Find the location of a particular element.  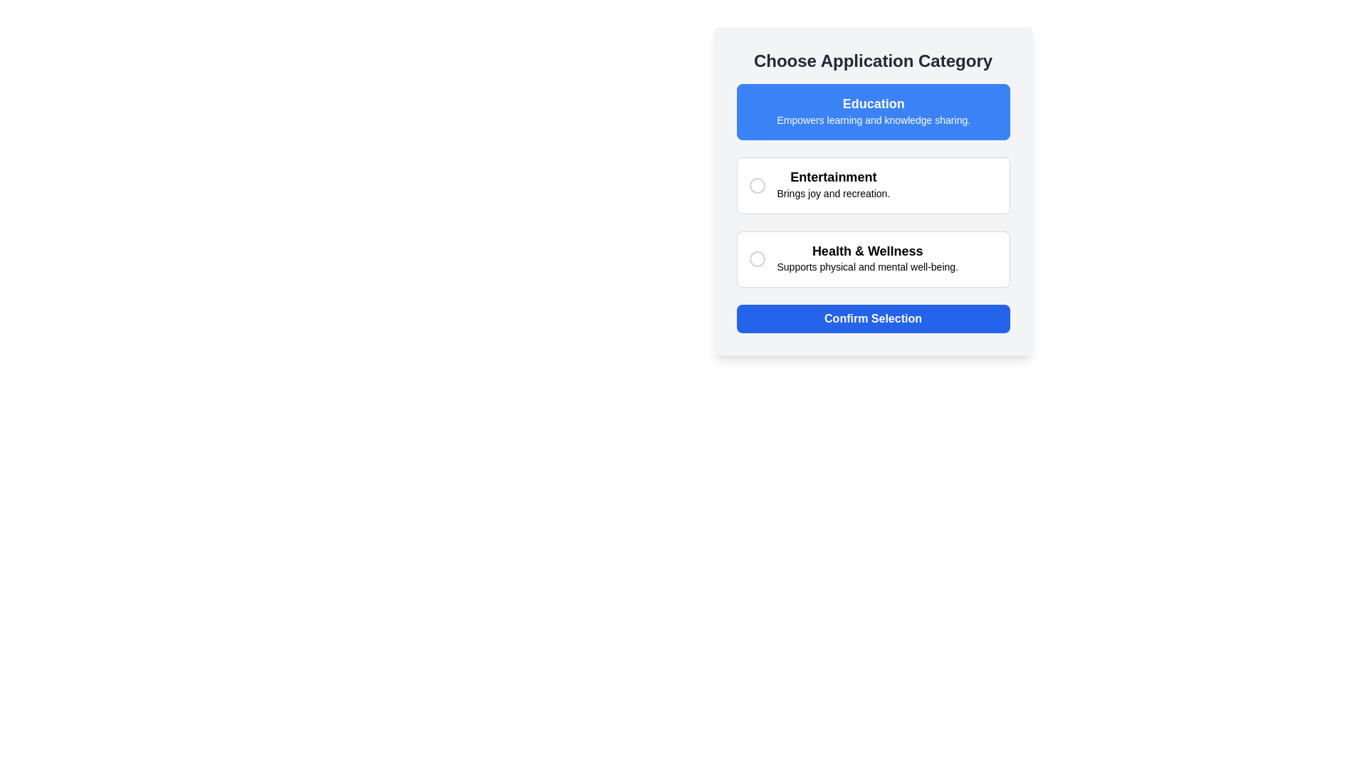

the 'Education' option button in the form titled 'Choose Application Category' is located at coordinates (872, 111).